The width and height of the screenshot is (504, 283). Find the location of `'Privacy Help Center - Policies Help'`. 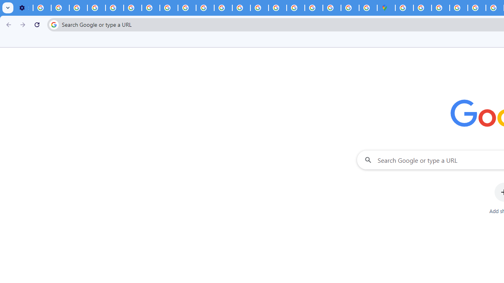

'Privacy Help Center - Policies Help' is located at coordinates (114, 8).